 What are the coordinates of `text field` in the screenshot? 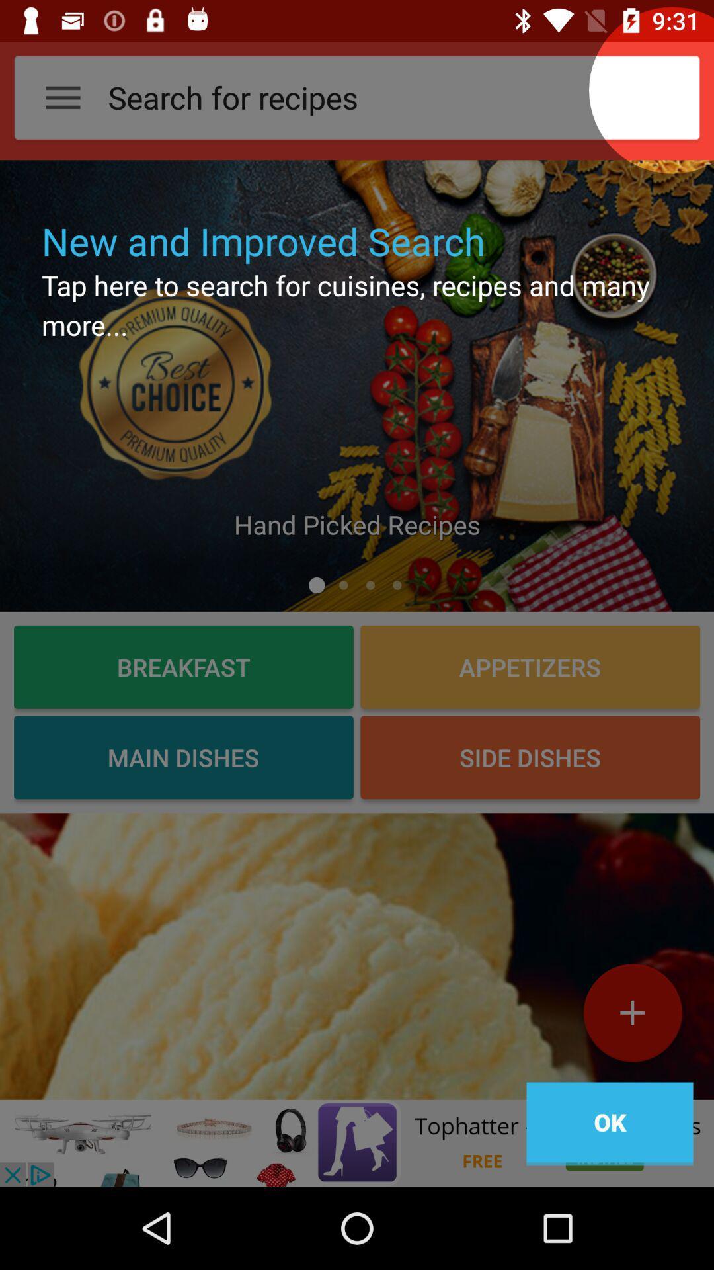 It's located at (370, 97).